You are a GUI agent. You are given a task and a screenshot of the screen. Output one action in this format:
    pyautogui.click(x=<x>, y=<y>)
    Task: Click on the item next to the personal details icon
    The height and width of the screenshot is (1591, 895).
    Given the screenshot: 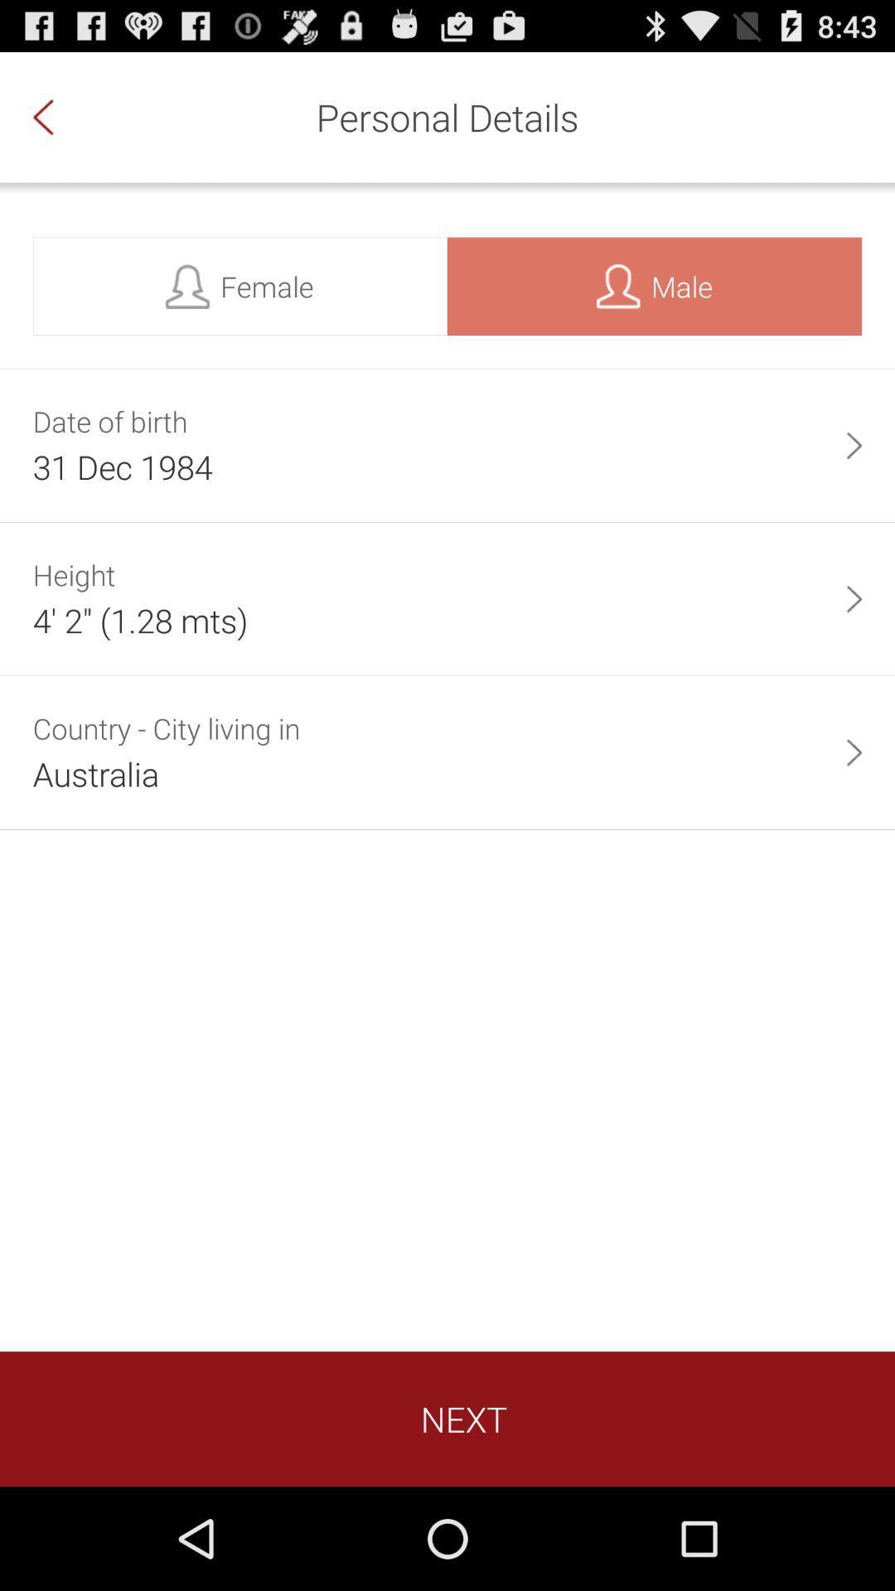 What is the action you would take?
    pyautogui.click(x=60, y=116)
    